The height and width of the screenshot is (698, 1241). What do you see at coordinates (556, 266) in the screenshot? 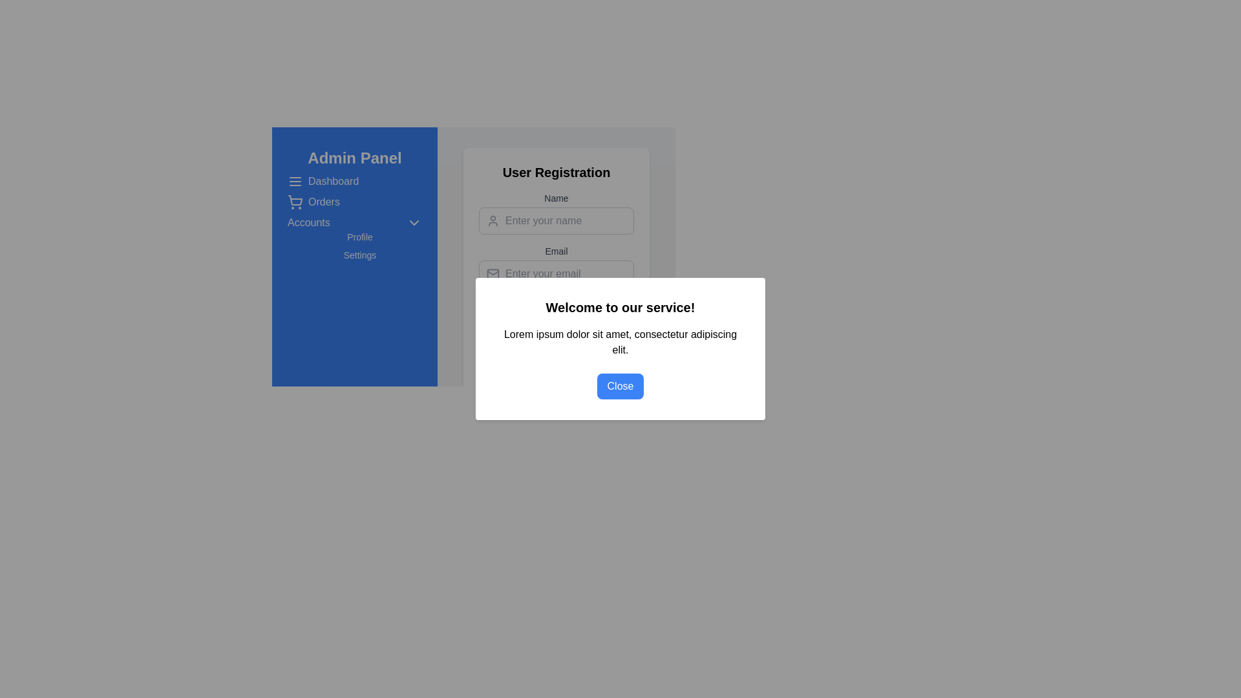
I see `the email input field in the 'User Registration' form to focus the input area` at bounding box center [556, 266].